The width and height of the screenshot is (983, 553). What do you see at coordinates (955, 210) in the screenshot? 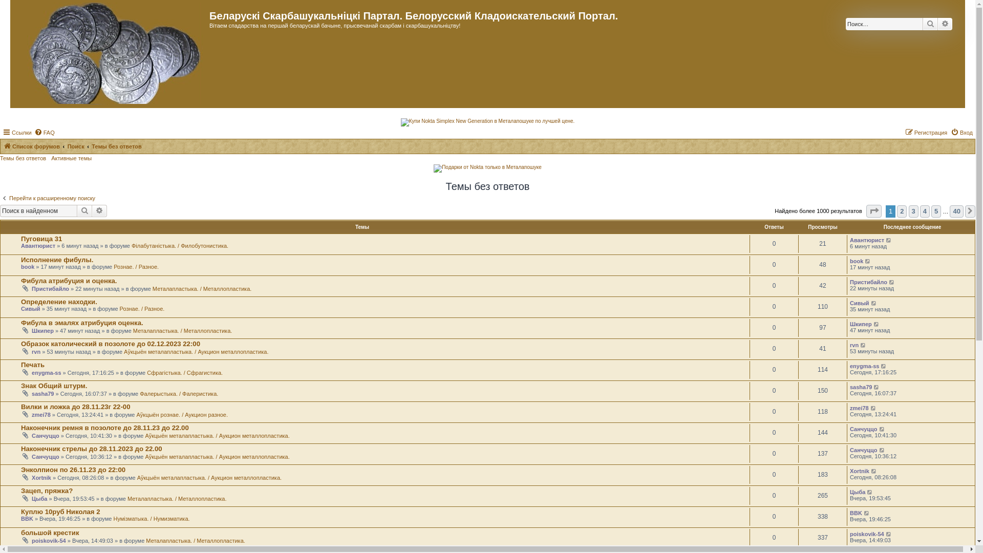
I see `'40'` at bounding box center [955, 210].